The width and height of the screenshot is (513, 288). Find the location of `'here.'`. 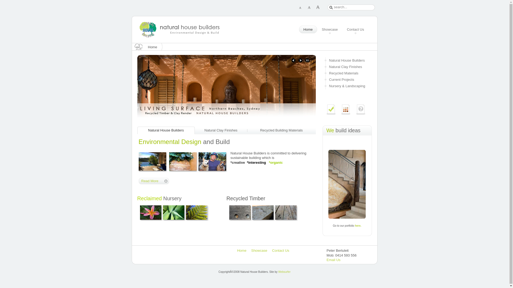

'here.' is located at coordinates (355, 225).